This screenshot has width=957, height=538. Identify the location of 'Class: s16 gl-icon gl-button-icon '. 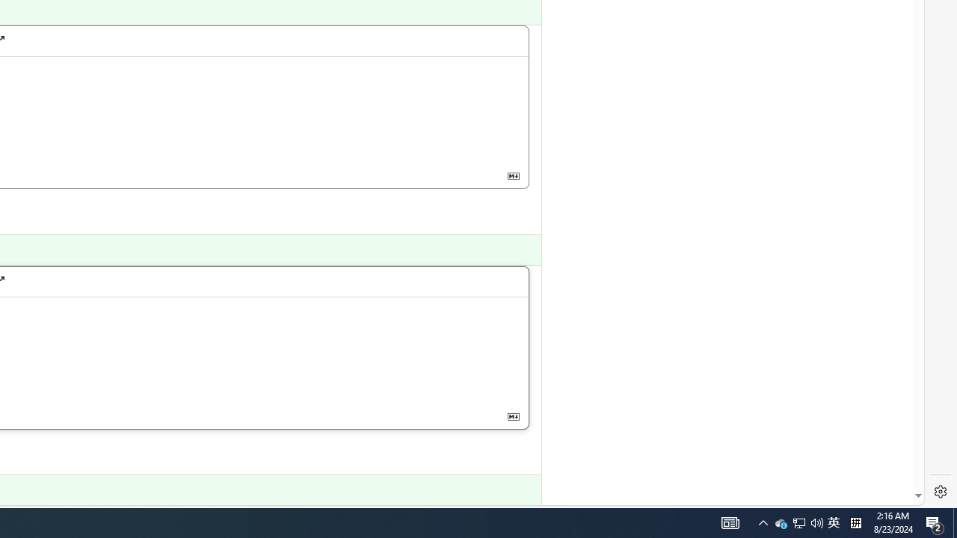
(513, 416).